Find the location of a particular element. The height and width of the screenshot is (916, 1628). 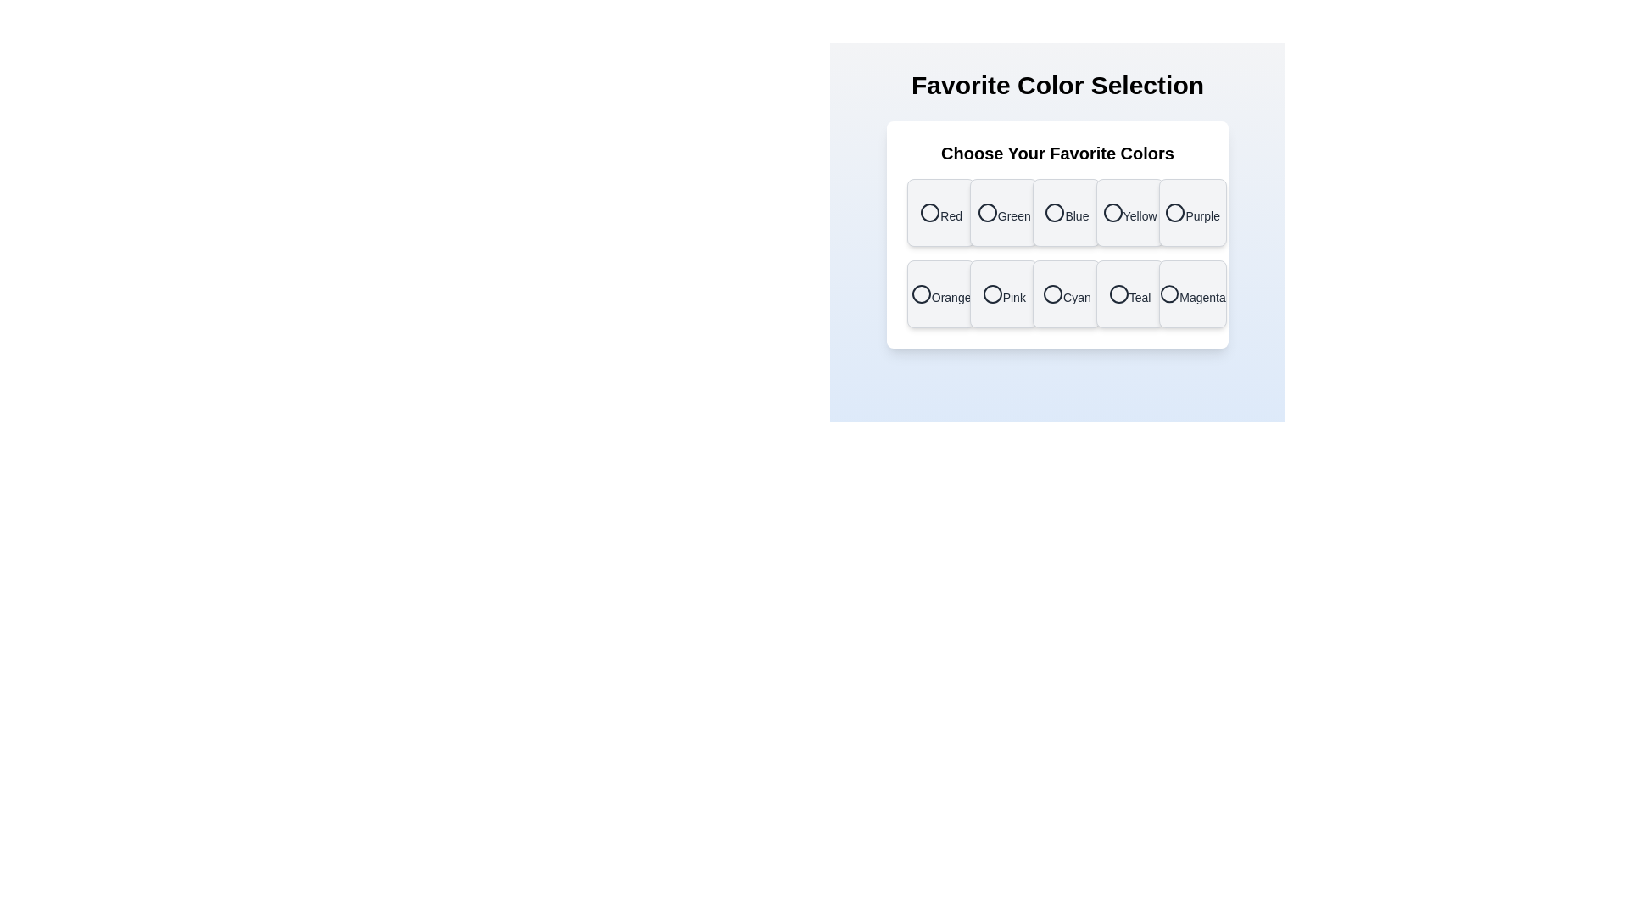

the color Red is located at coordinates (940, 211).